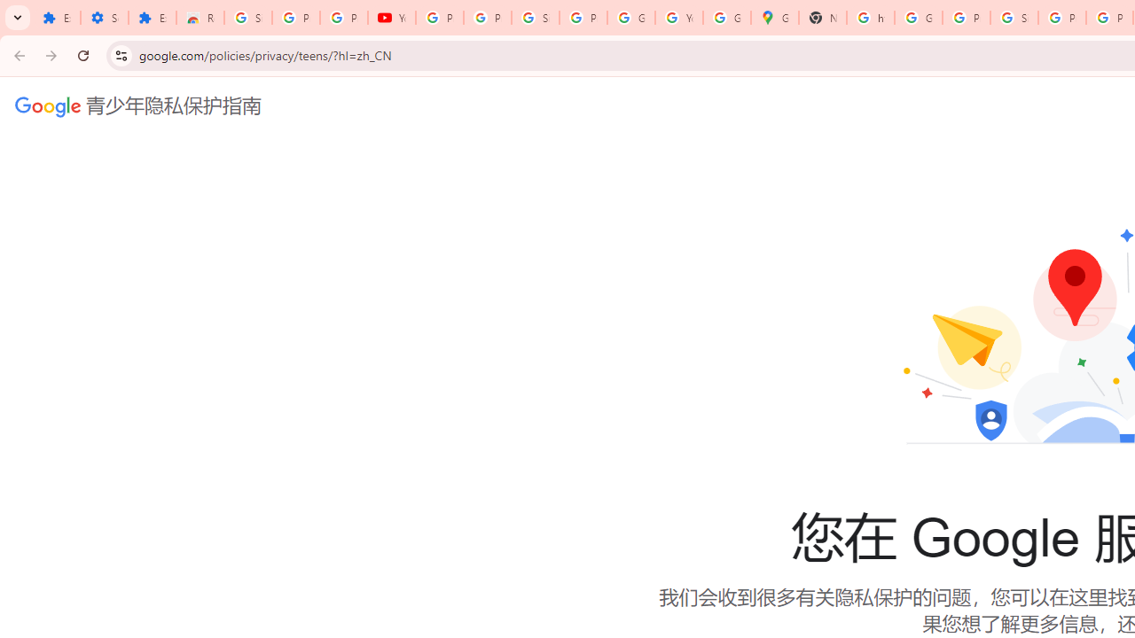  I want to click on 'New Tab', so click(822, 18).